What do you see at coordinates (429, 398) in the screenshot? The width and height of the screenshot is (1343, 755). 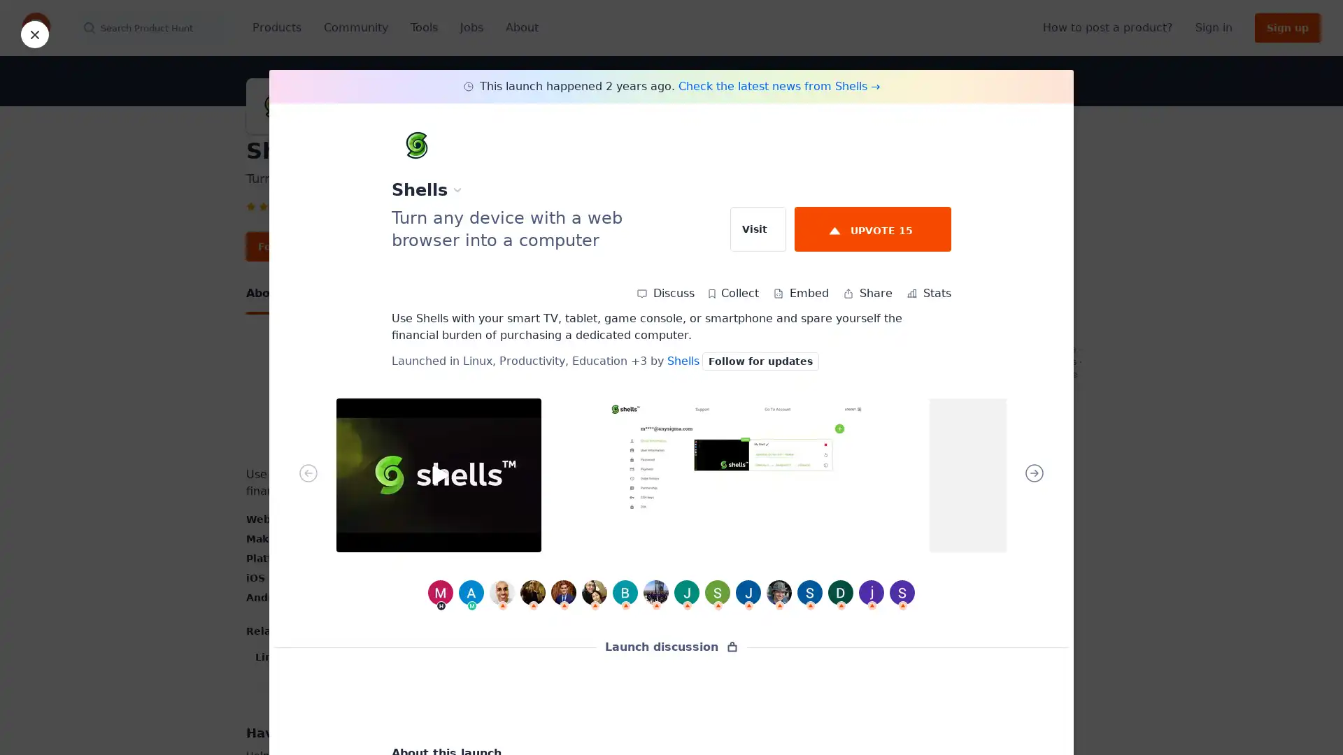 I see `Shells image` at bounding box center [429, 398].